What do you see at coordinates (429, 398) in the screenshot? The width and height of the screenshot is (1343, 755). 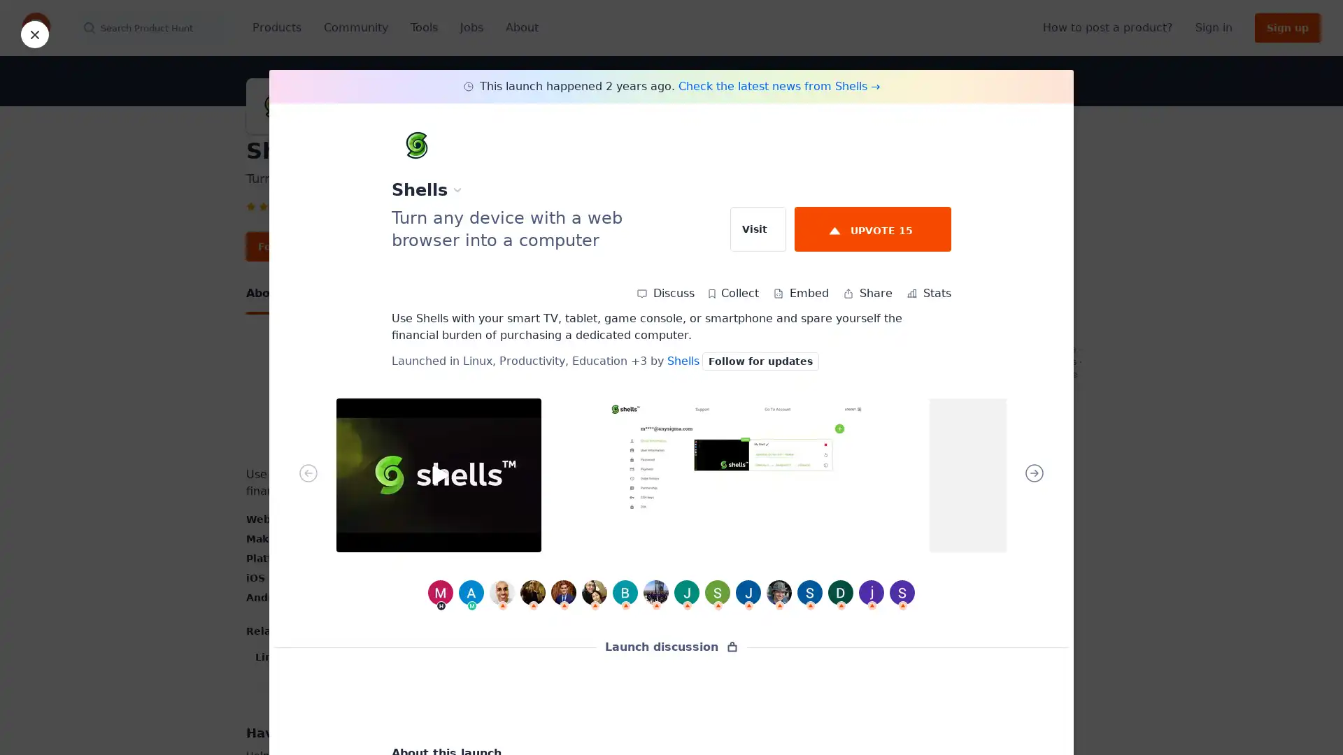 I see `Shells image` at bounding box center [429, 398].